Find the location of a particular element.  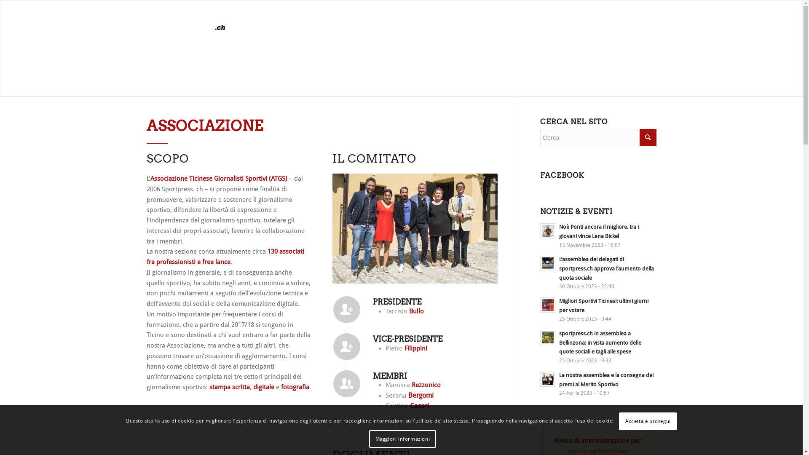

'Accetta e prosegui' is located at coordinates (647, 421).